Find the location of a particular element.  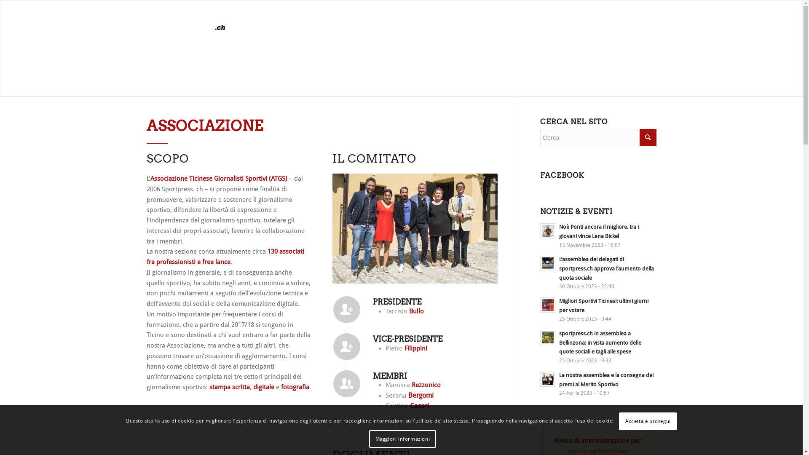

'Accetta e prosegui' is located at coordinates (647, 421).